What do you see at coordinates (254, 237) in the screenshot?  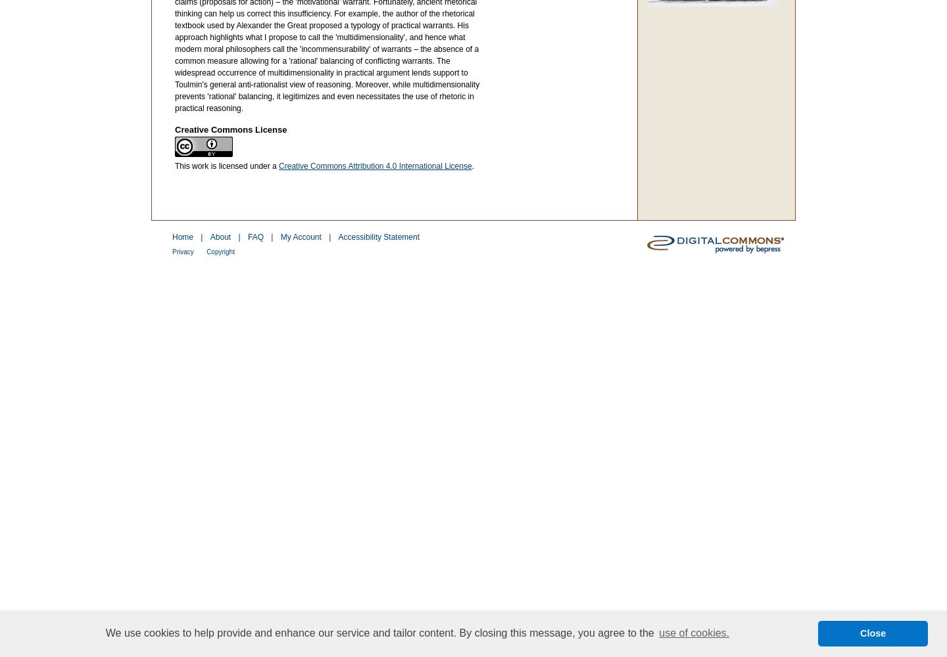 I see `'FAQ'` at bounding box center [254, 237].